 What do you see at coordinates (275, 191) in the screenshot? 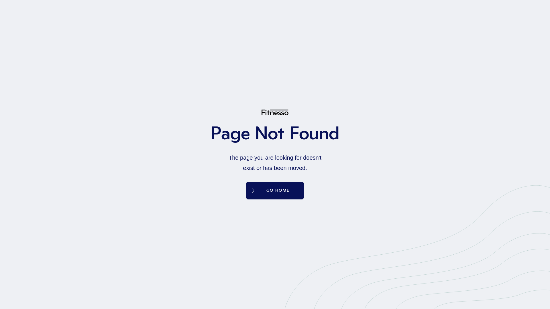
I see `'GO HOME'` at bounding box center [275, 191].